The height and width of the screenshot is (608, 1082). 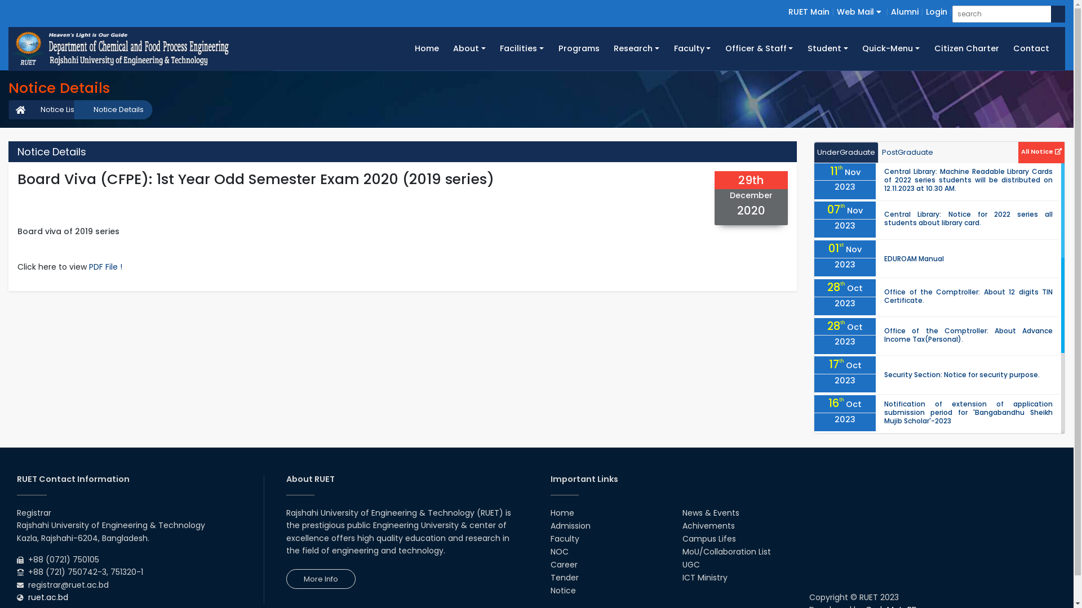 What do you see at coordinates (890, 48) in the screenshot?
I see `'Quick-Menu'` at bounding box center [890, 48].